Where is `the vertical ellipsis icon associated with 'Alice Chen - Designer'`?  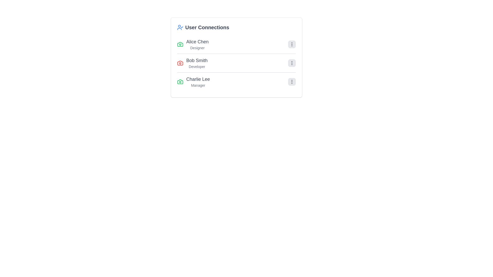 the vertical ellipsis icon associated with 'Alice Chen - Designer' is located at coordinates (292, 44).